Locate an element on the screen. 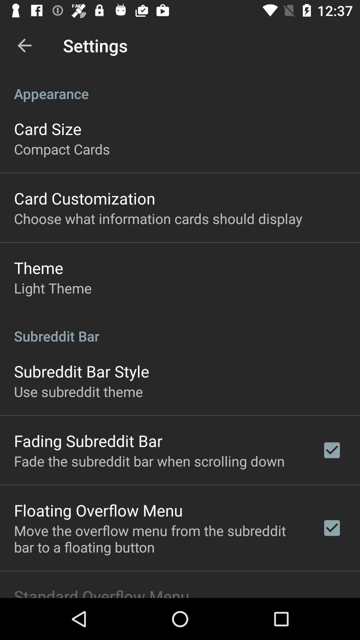  item below the card size app is located at coordinates (62, 148).